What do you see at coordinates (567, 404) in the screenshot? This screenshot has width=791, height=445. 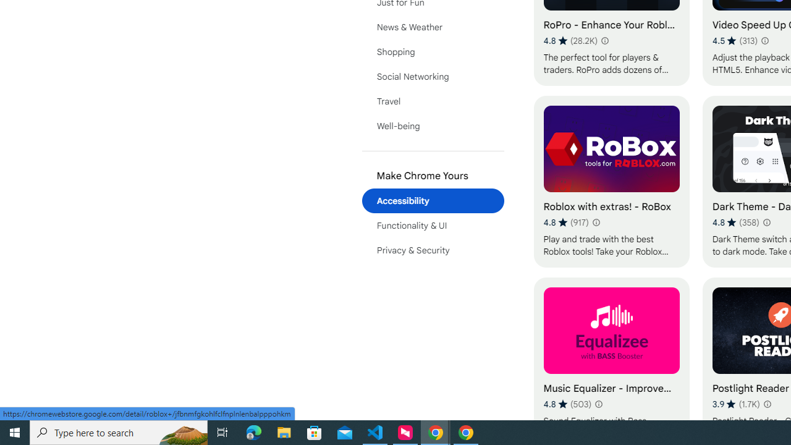 I see `'Average rating 4.8 out of 5 stars. 503 ratings.'` at bounding box center [567, 404].